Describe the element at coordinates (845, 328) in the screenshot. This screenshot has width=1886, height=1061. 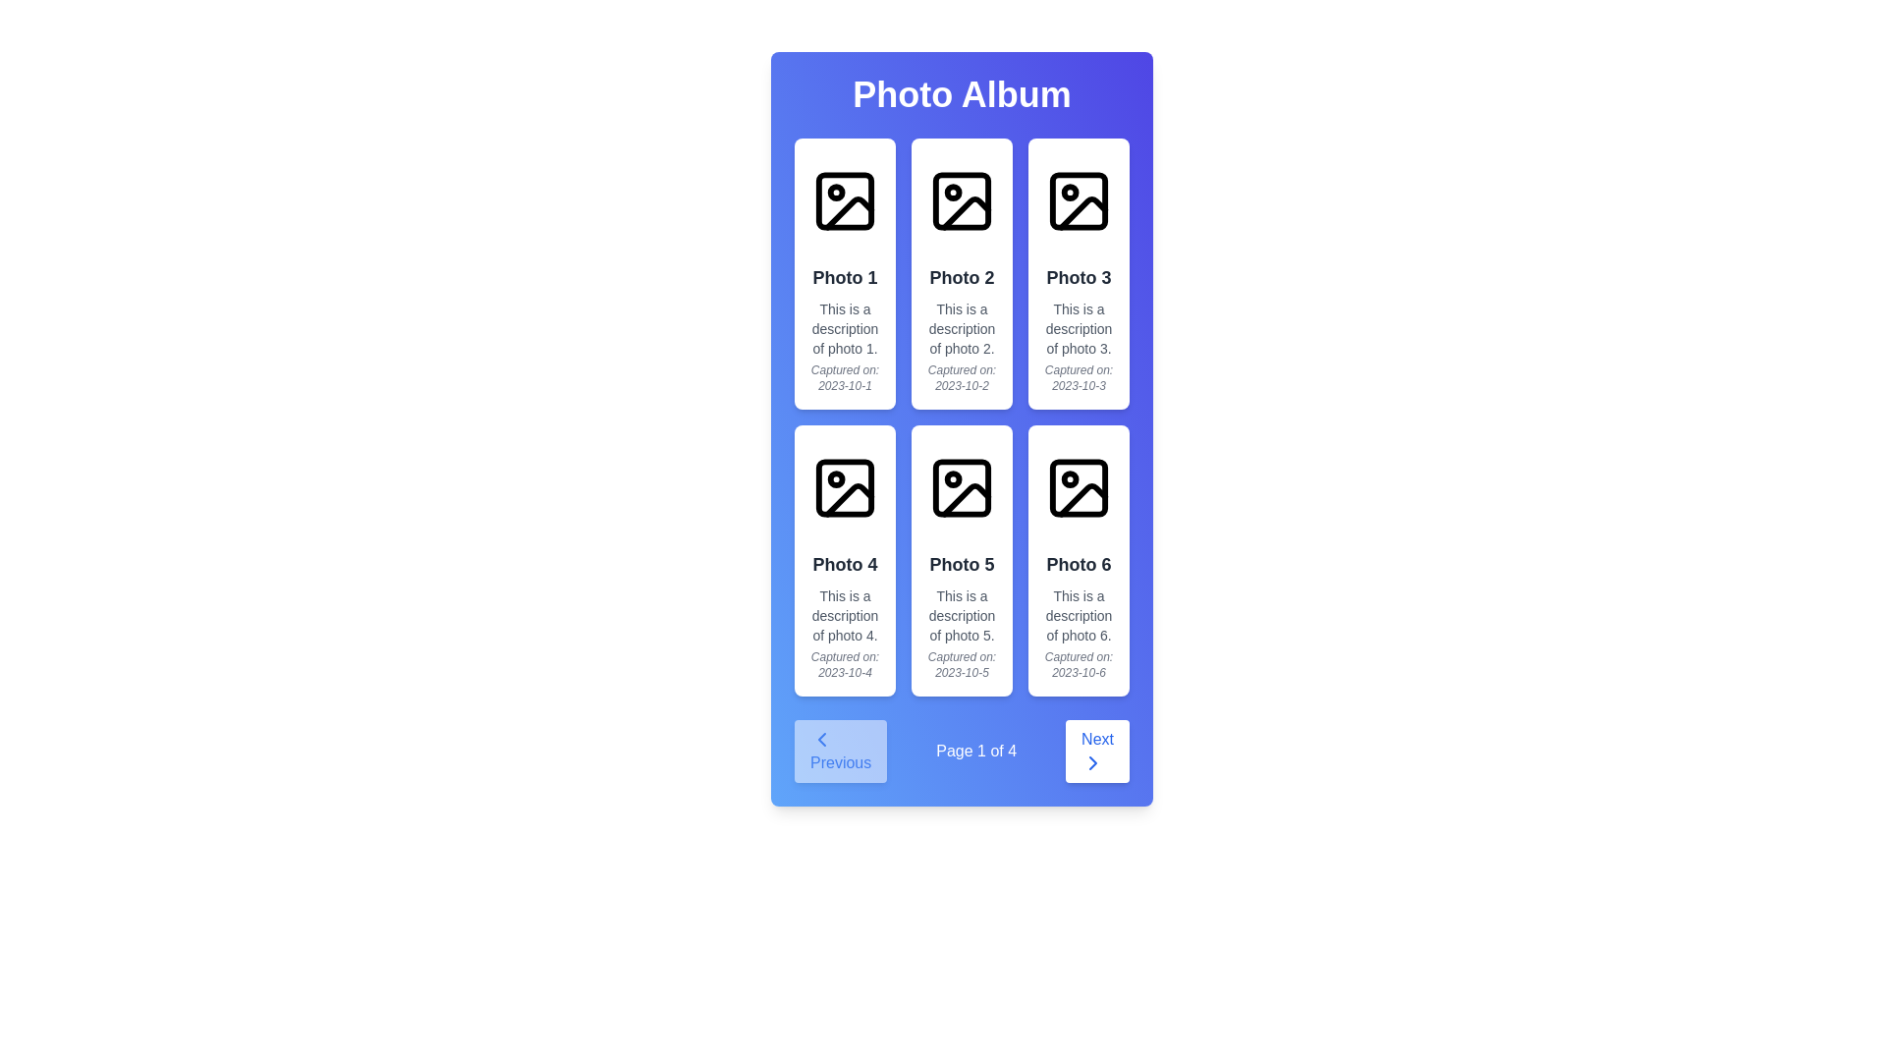
I see `the text label that provides additional information about the associated image and title within its card, located directly below the title 'Photo 1'` at that location.